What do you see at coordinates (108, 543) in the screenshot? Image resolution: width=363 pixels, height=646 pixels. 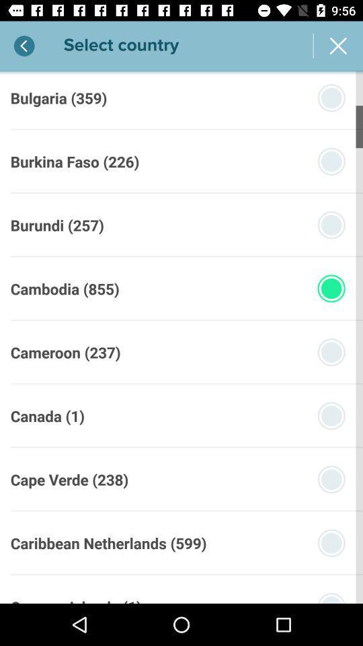 I see `the caribbean netherlands (599)` at bounding box center [108, 543].